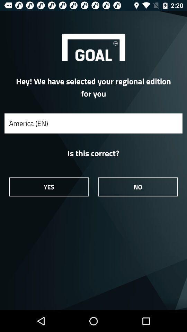  Describe the element at coordinates (48, 186) in the screenshot. I see `the item to the left of no` at that location.